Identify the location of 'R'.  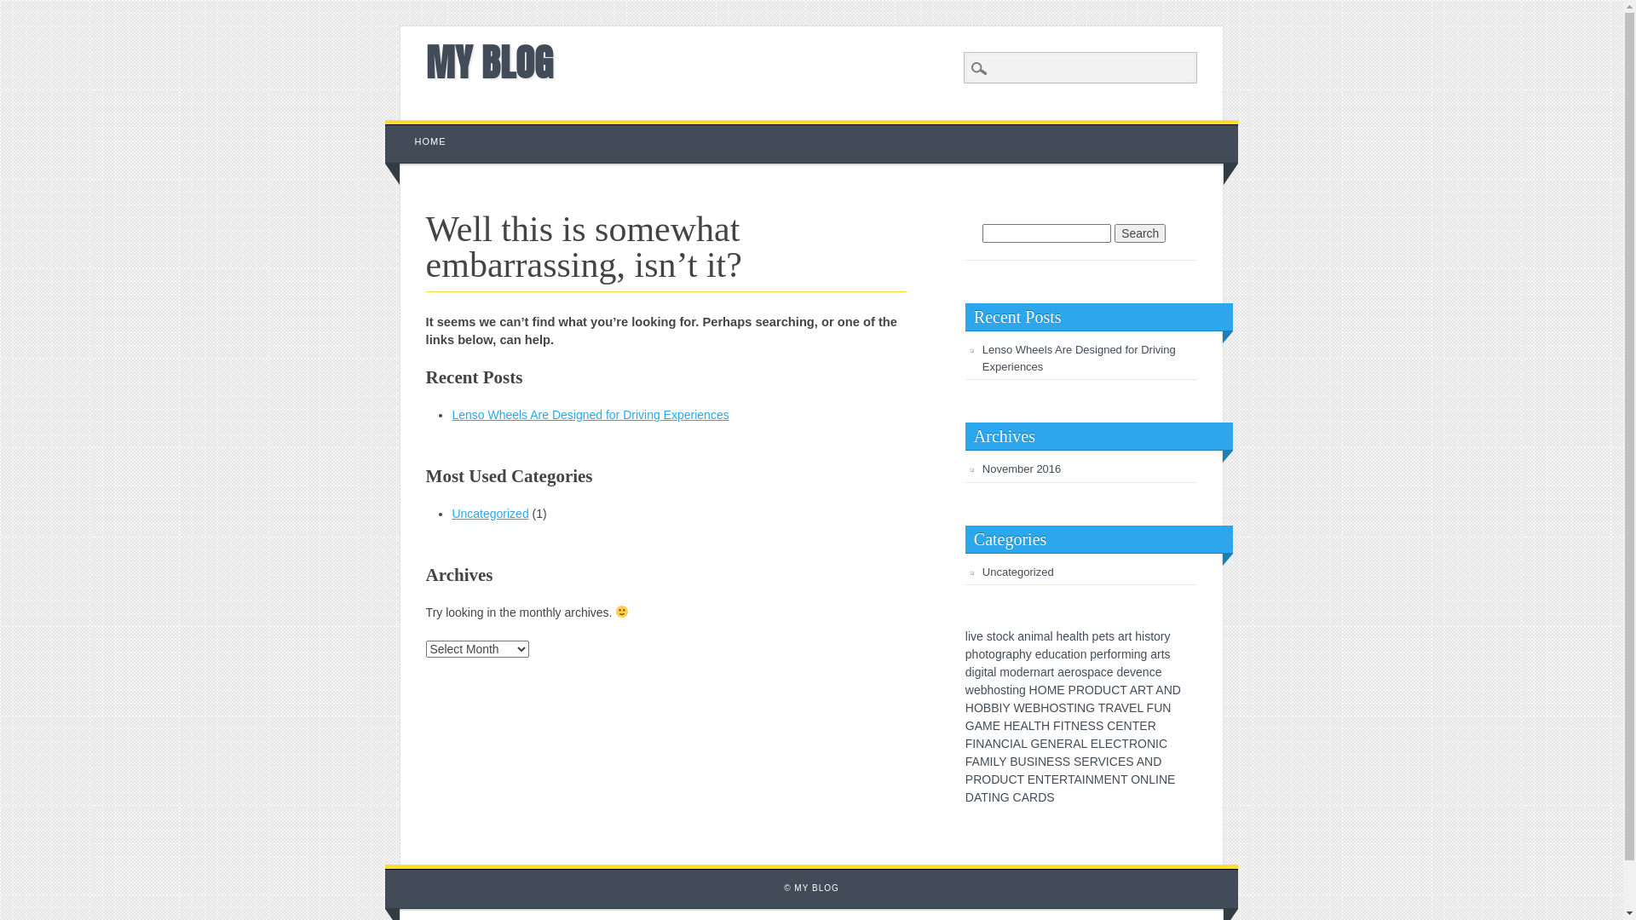
(1033, 797).